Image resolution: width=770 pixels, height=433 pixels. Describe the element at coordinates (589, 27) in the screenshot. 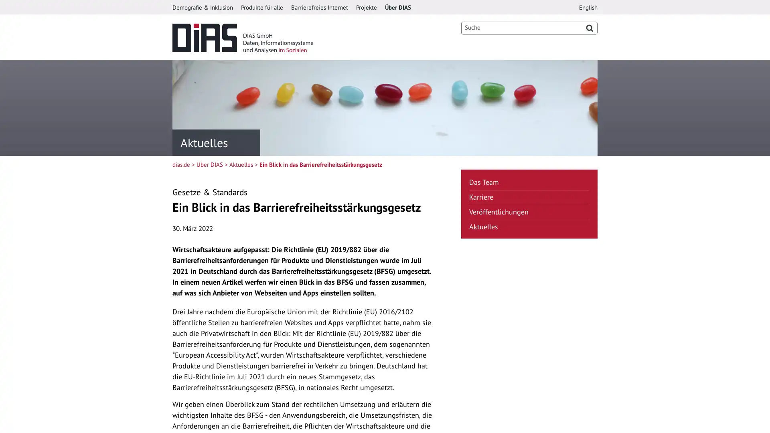

I see `Suche starten` at that location.